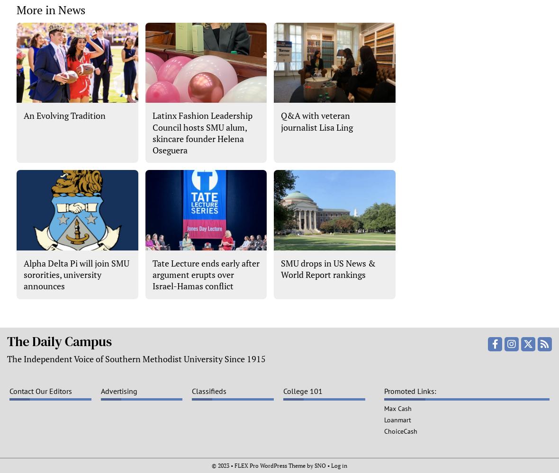  What do you see at coordinates (280, 268) in the screenshot?
I see `'SMU drops in US News & World Report rankings'` at bounding box center [280, 268].